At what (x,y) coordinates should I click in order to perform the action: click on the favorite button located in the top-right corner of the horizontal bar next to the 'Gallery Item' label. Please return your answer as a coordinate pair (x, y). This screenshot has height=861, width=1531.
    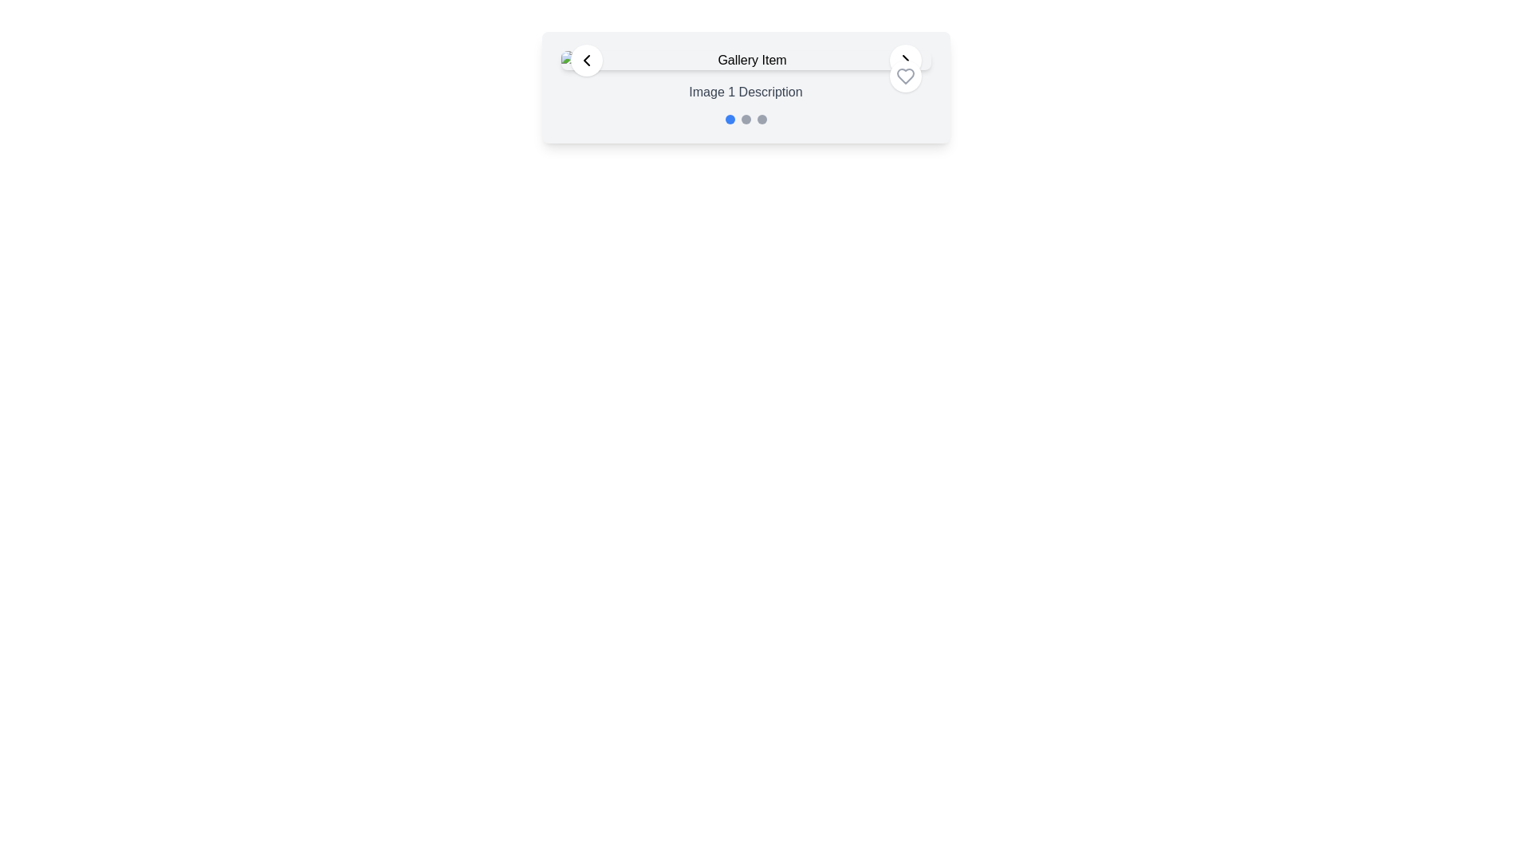
    Looking at the image, I should click on (905, 77).